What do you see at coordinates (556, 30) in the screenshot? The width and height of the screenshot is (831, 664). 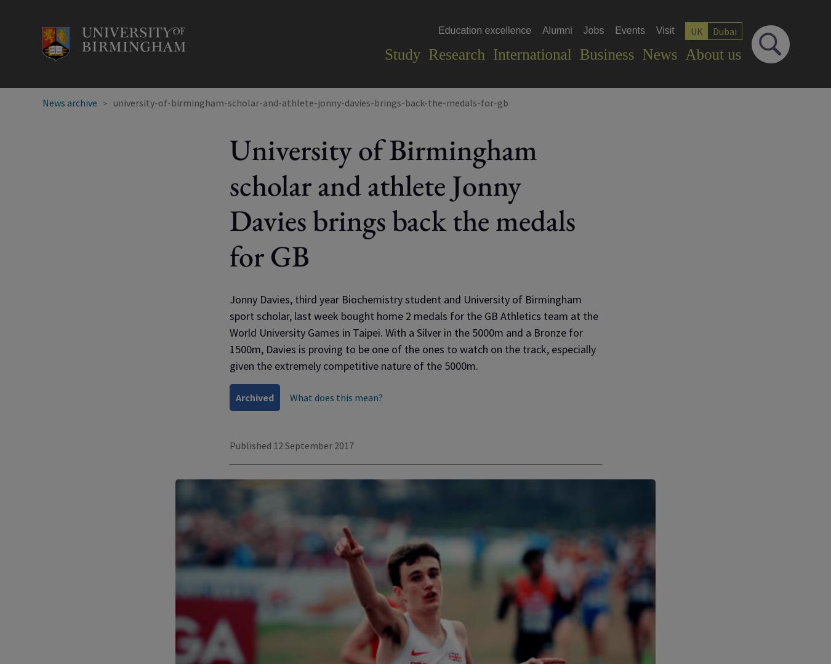 I see `'Alumni'` at bounding box center [556, 30].